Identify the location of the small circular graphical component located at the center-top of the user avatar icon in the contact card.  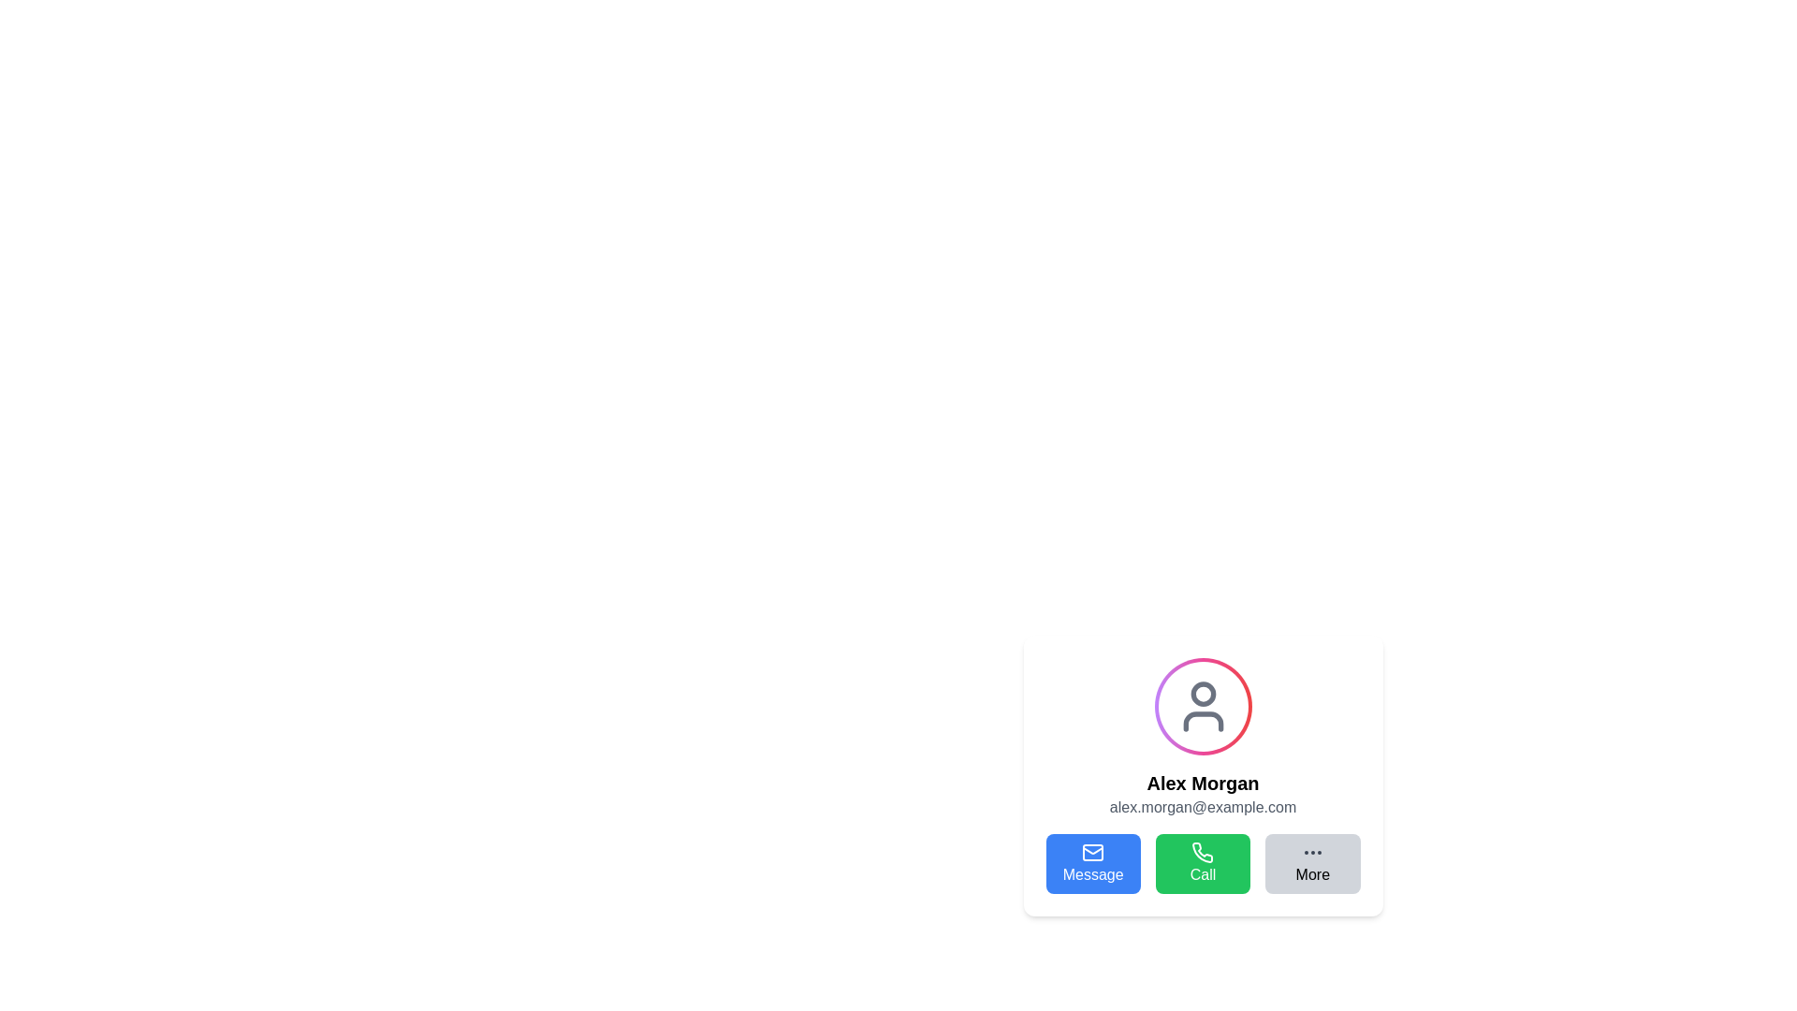
(1203, 694).